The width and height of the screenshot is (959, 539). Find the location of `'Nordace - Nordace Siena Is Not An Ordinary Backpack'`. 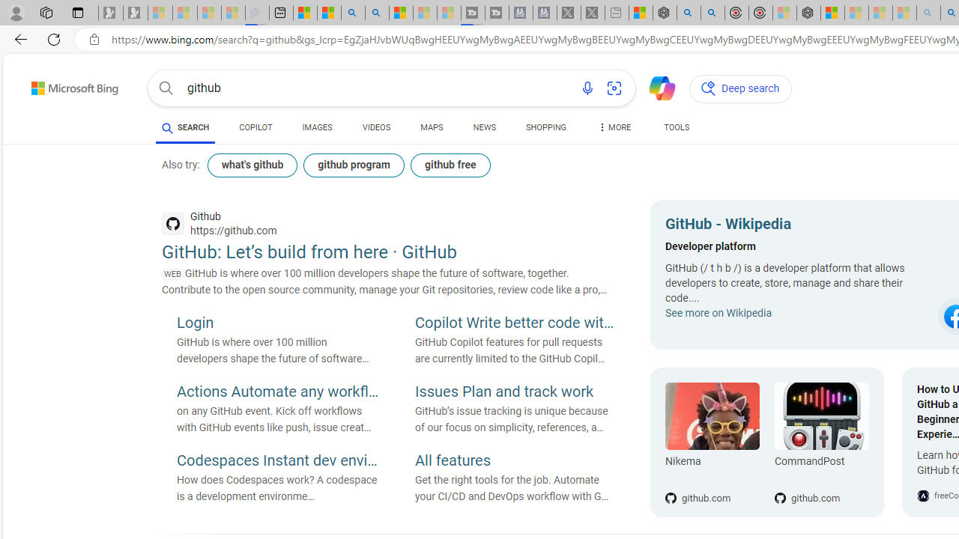

'Nordace - Nordace Siena Is Not An Ordinary Backpack' is located at coordinates (808, 13).